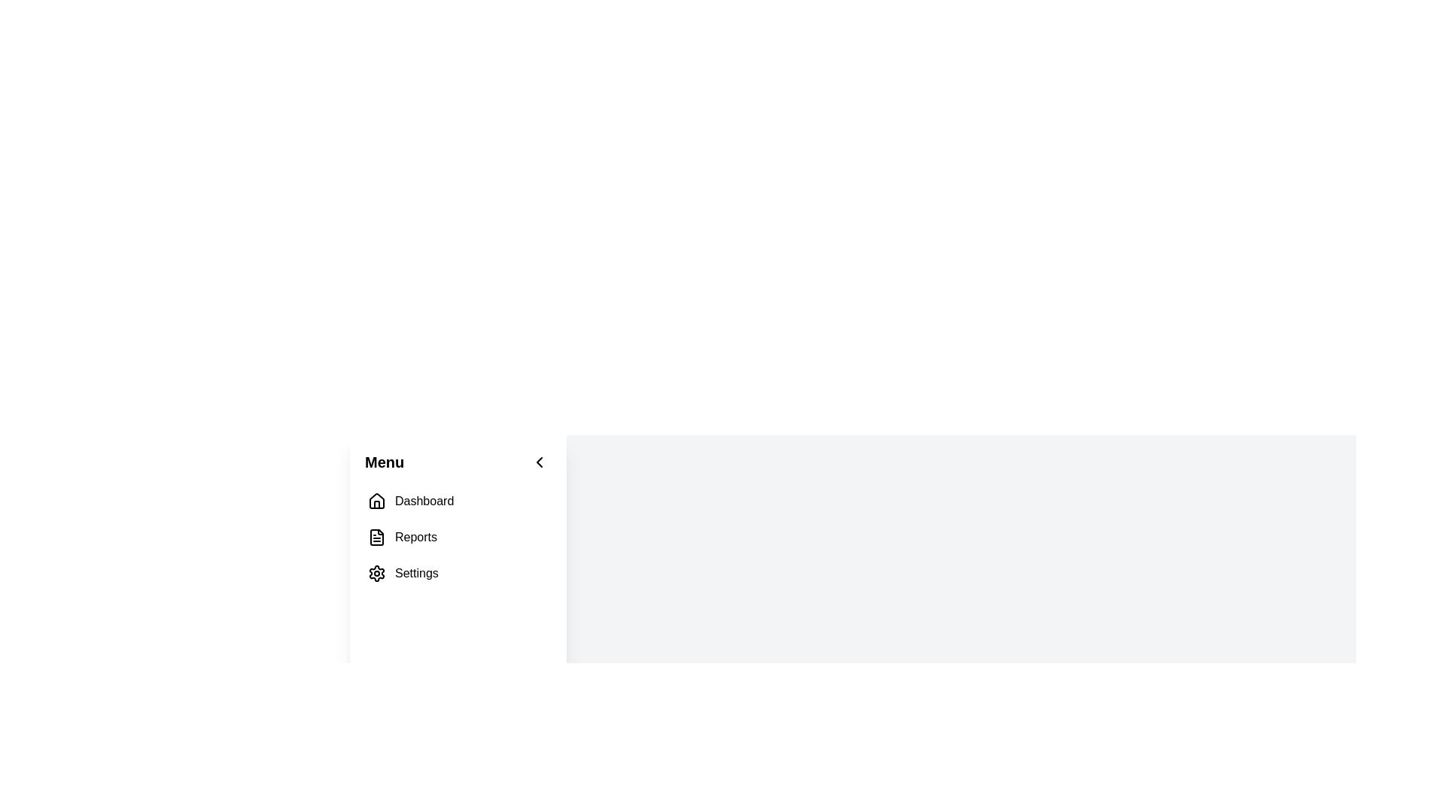 The image size is (1445, 812). What do you see at coordinates (385, 461) in the screenshot?
I see `the Text Label that serves as a title for the navigation panel, which is the first element from left to right among its siblings` at bounding box center [385, 461].